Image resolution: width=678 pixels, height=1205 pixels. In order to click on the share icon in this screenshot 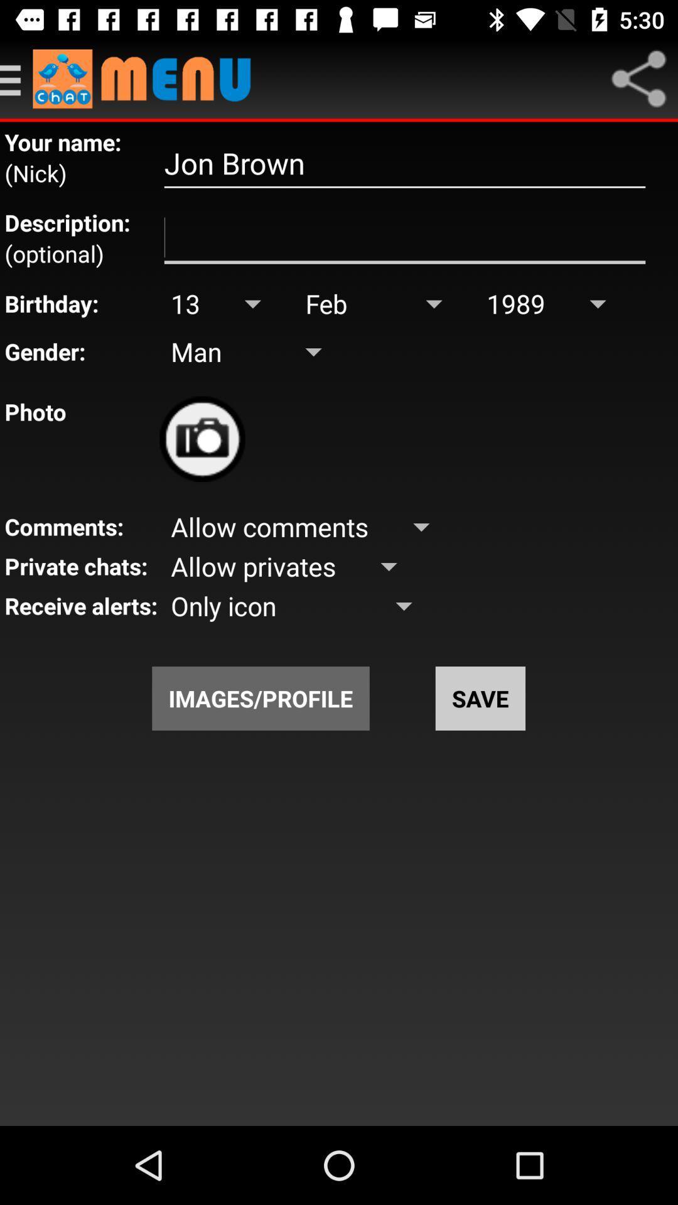, I will do `click(638, 78)`.